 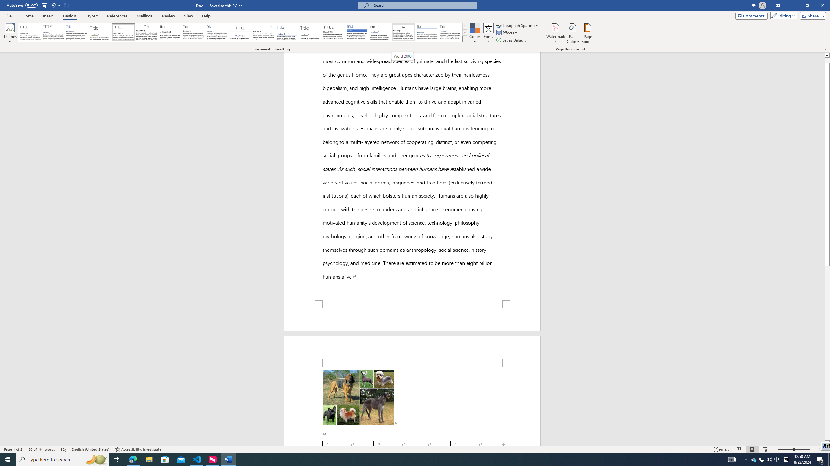 I want to click on 'Can', so click(x=66, y=5).